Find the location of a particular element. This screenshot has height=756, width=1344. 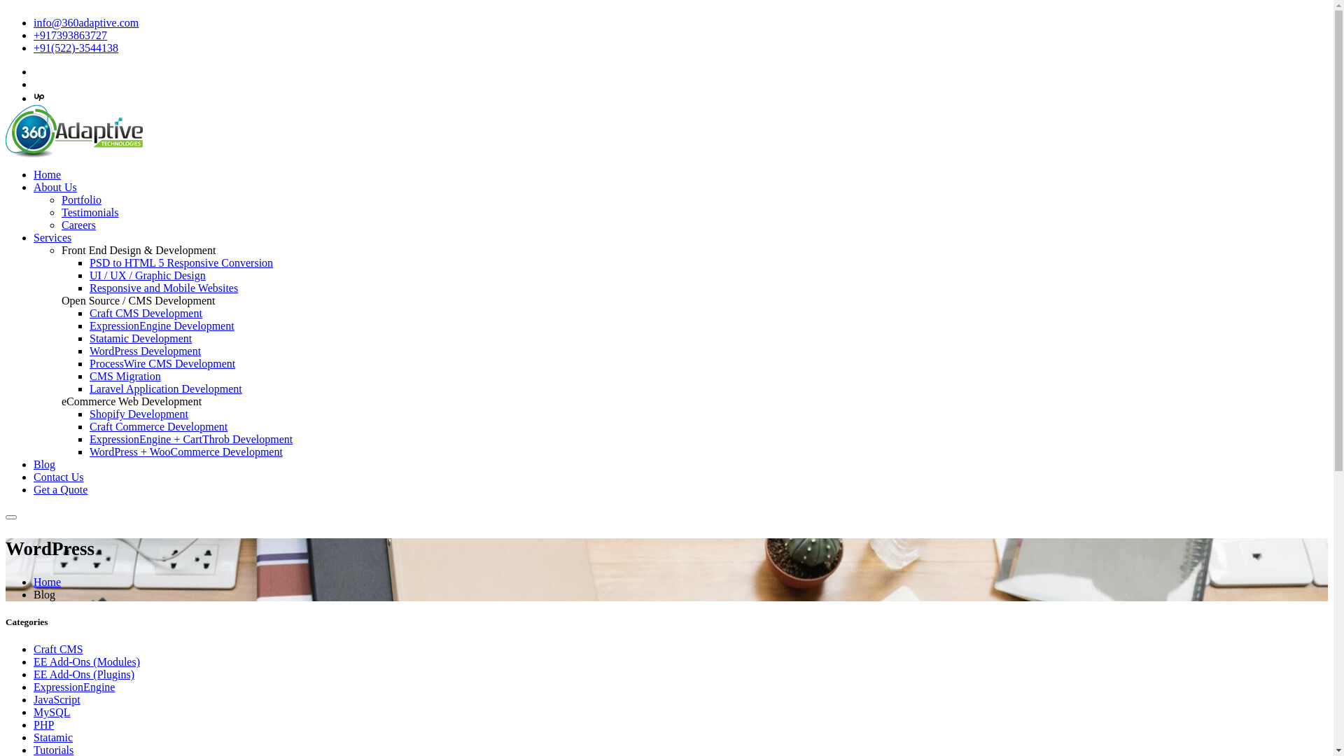

'info@360adaptive.com' is located at coordinates (34, 22).